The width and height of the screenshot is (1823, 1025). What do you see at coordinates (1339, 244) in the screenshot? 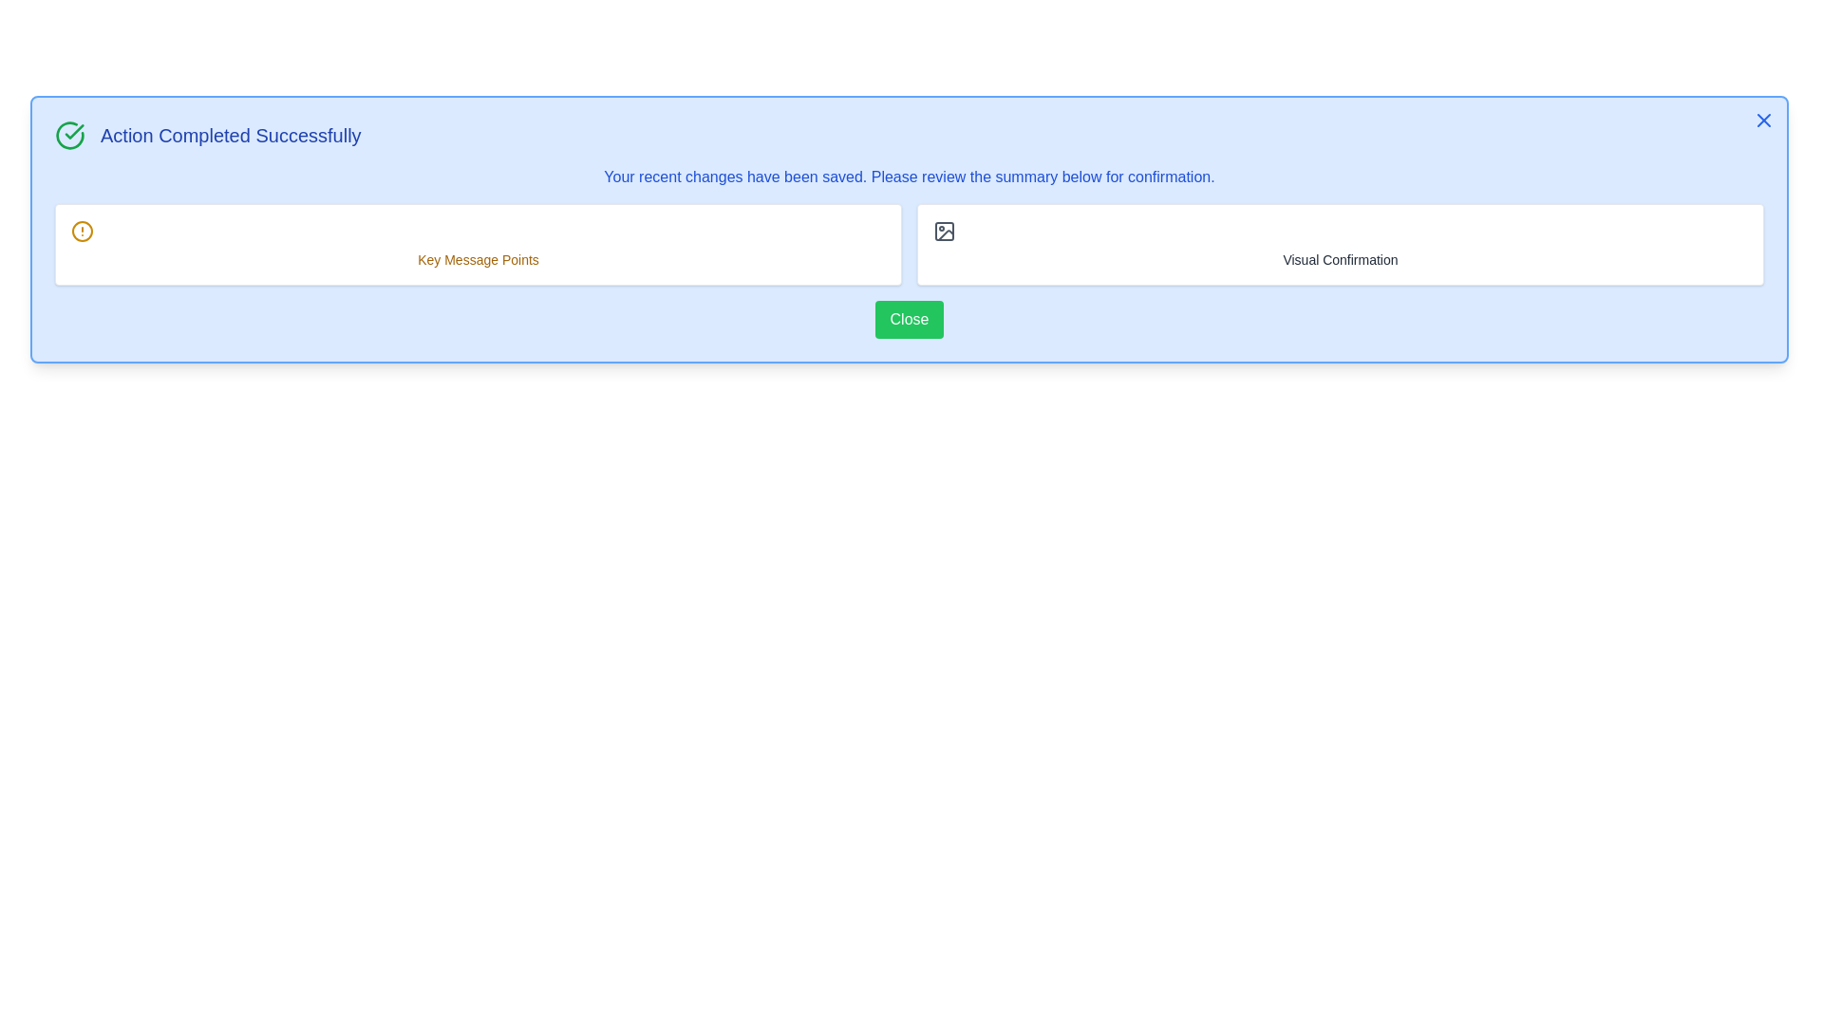
I see `the section 'Visual Confirmation' for interaction` at bounding box center [1339, 244].